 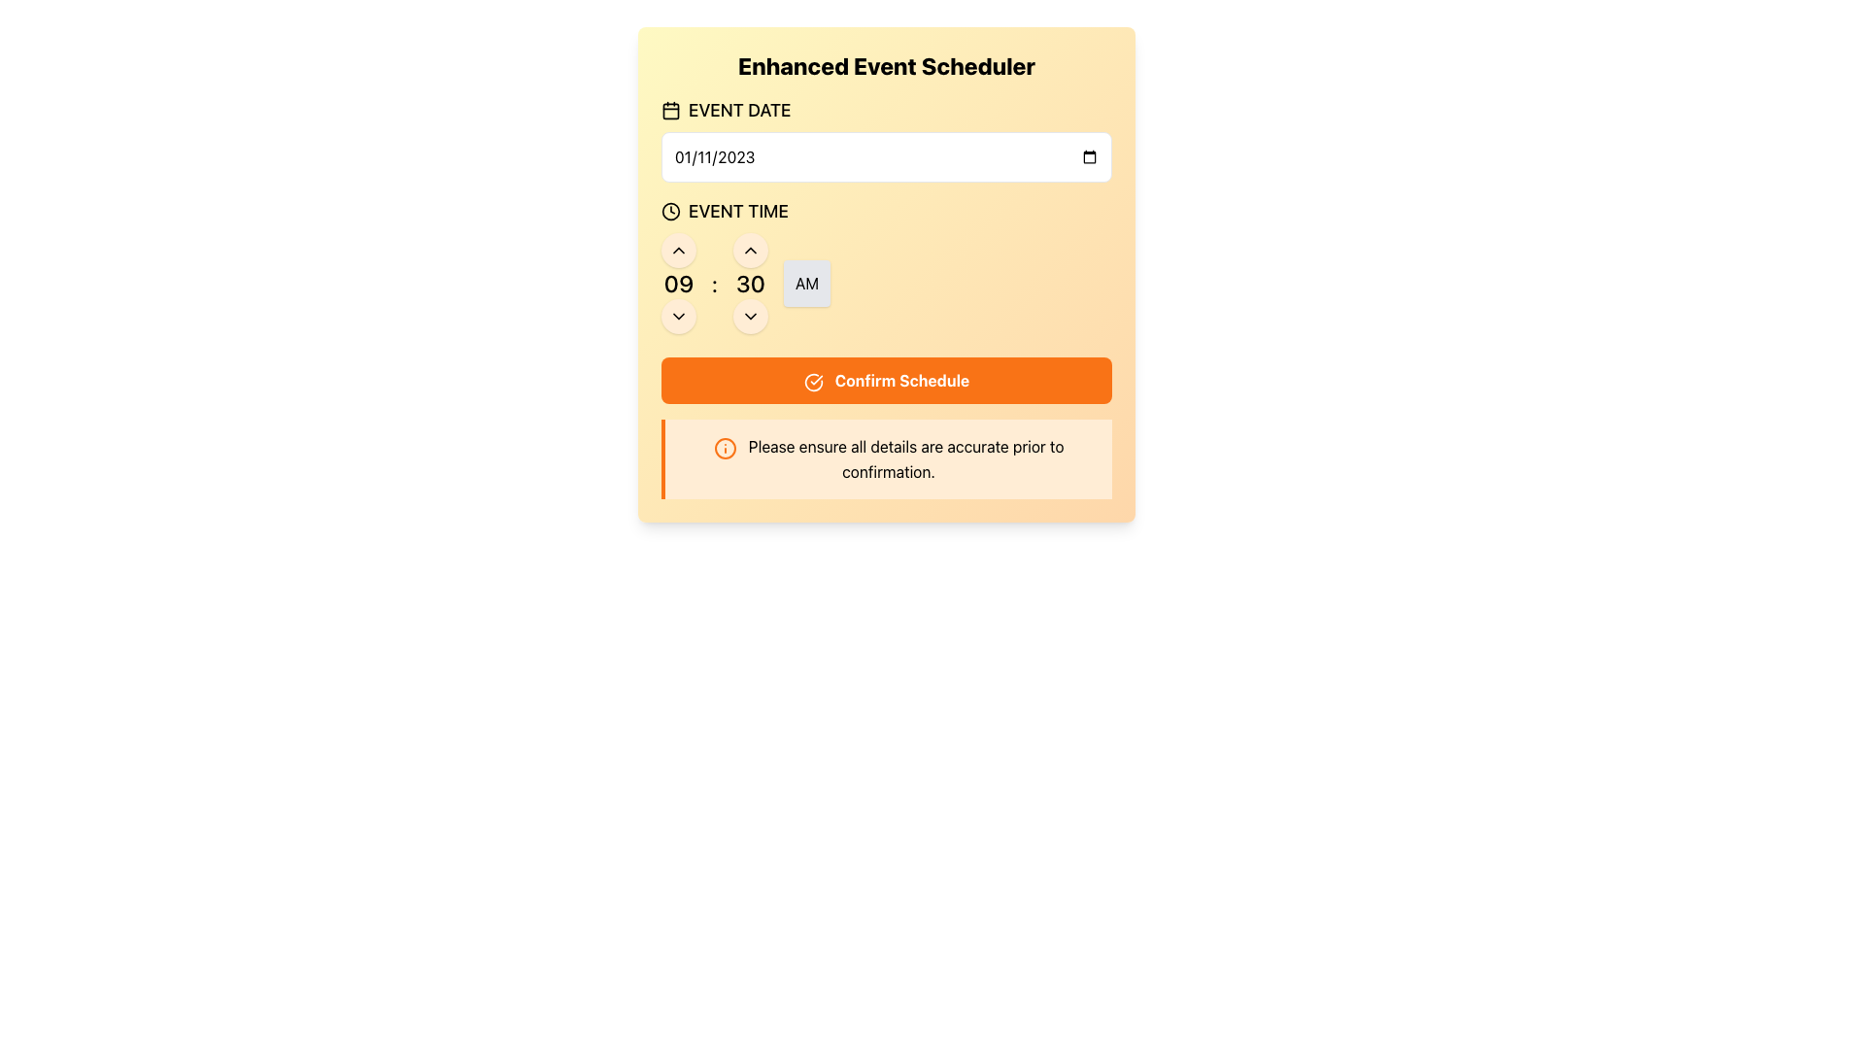 What do you see at coordinates (671, 212) in the screenshot?
I see `the event timing icon located to the immediate left of the 'EVENT TIME' label in the scheduler interface` at bounding box center [671, 212].